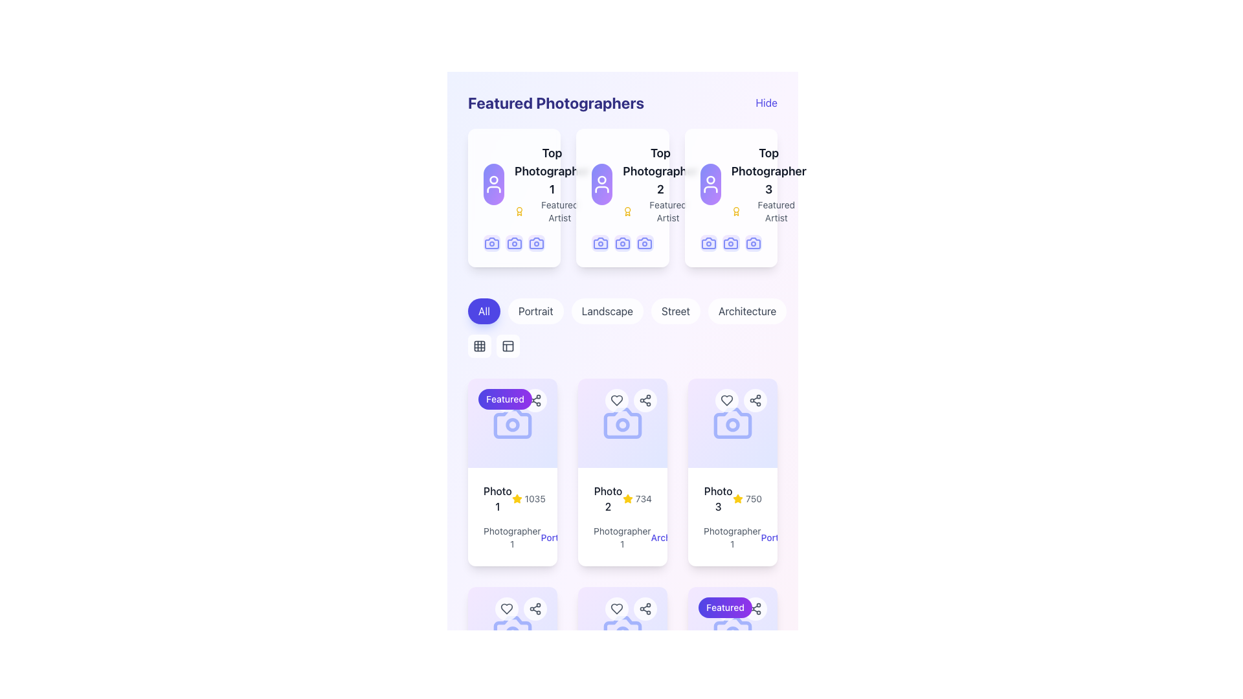 The image size is (1243, 699). What do you see at coordinates (755, 609) in the screenshot?
I see `the share icon located within the translucent white button at the top-right corner of the 'Photo 3' card` at bounding box center [755, 609].